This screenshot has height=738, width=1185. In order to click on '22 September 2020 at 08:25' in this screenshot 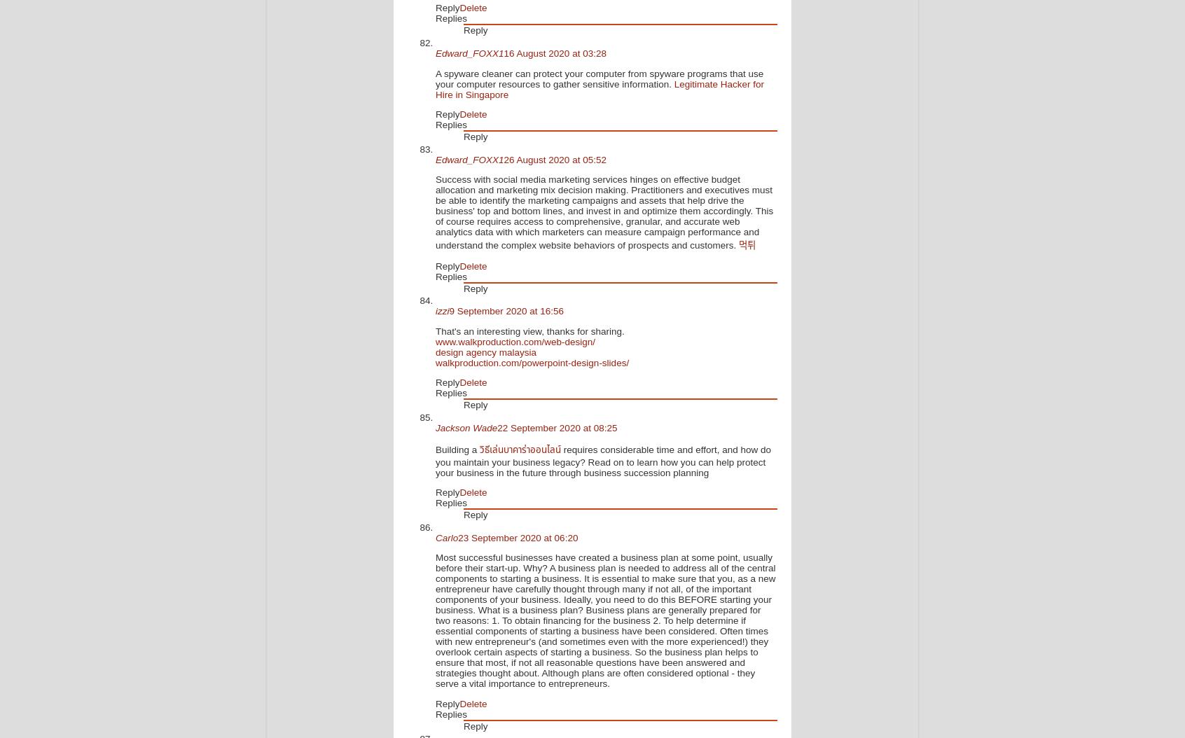, I will do `click(557, 427)`.